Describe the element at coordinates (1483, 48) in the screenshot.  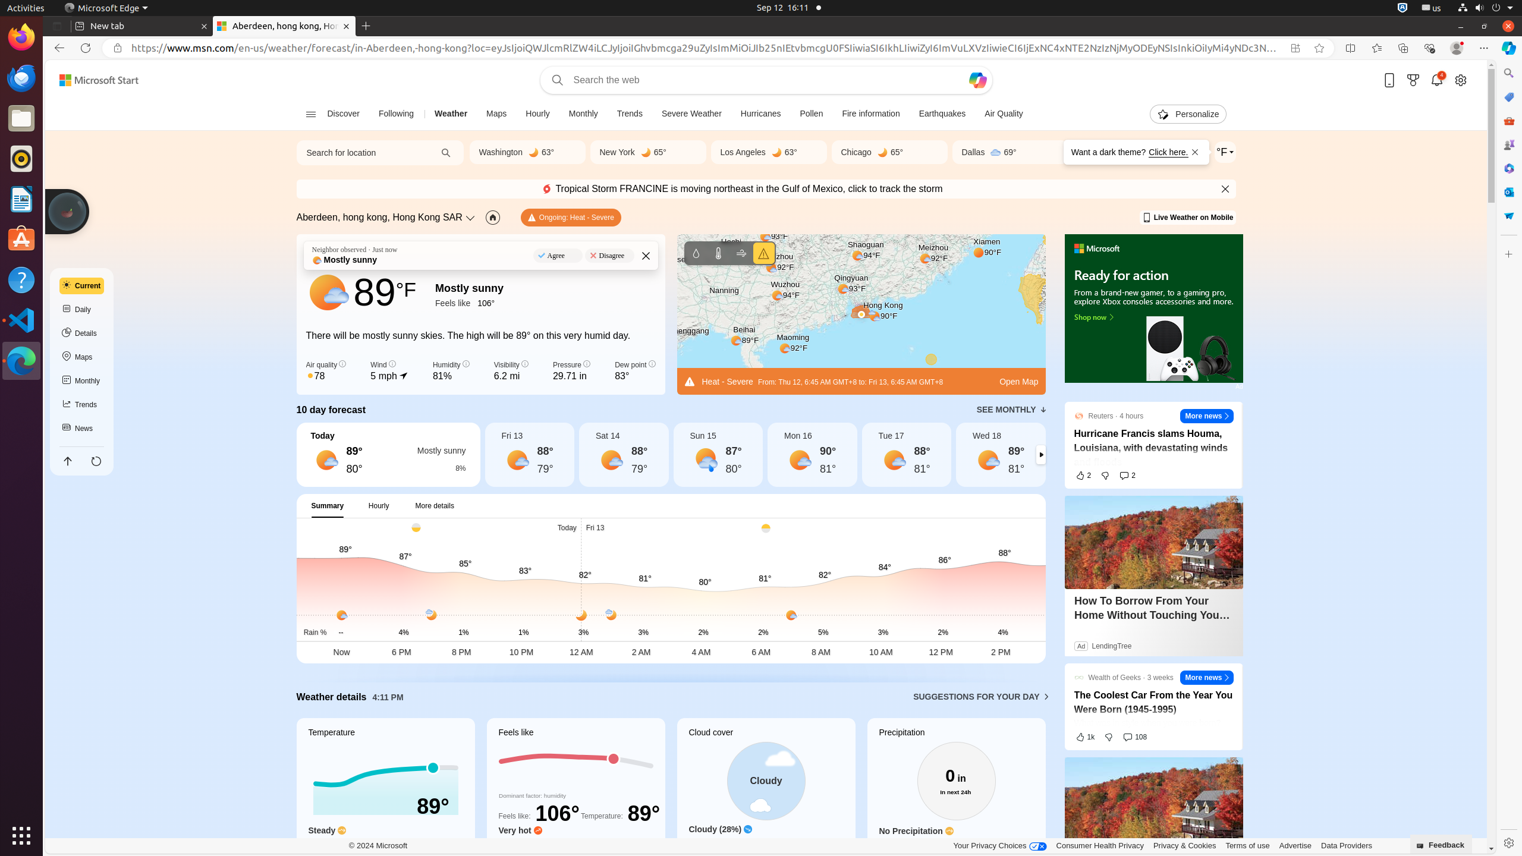
I see `'Settings and more (Alt+F)'` at that location.